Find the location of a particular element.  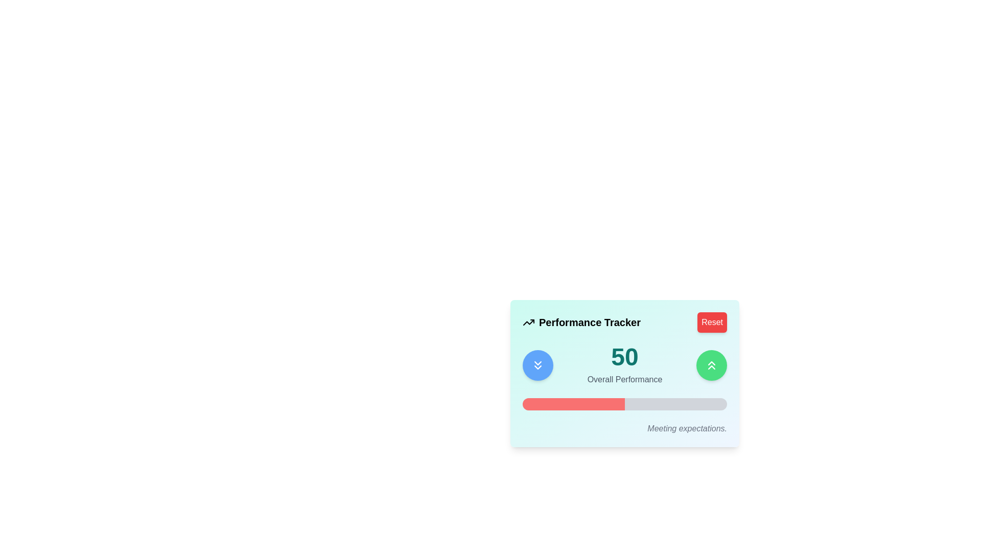

the downward action SVG icon located within the blue circular button adjacent to the 'Performance Tracker' card is located at coordinates (537, 364).